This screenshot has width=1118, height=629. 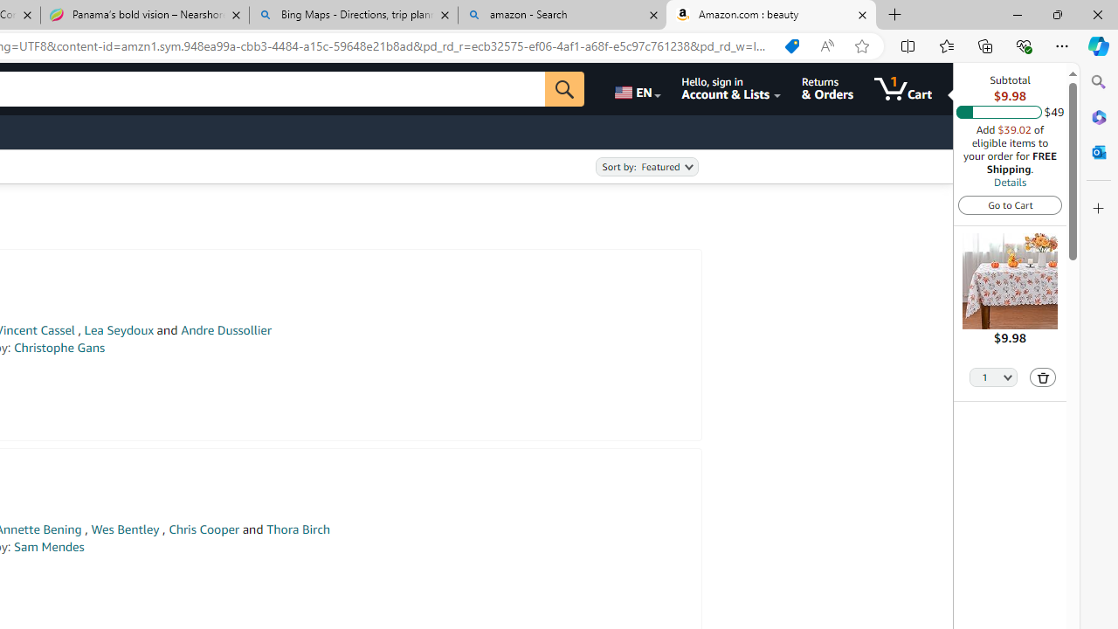 I want to click on 'Amazon.com : beauty', so click(x=770, y=15).